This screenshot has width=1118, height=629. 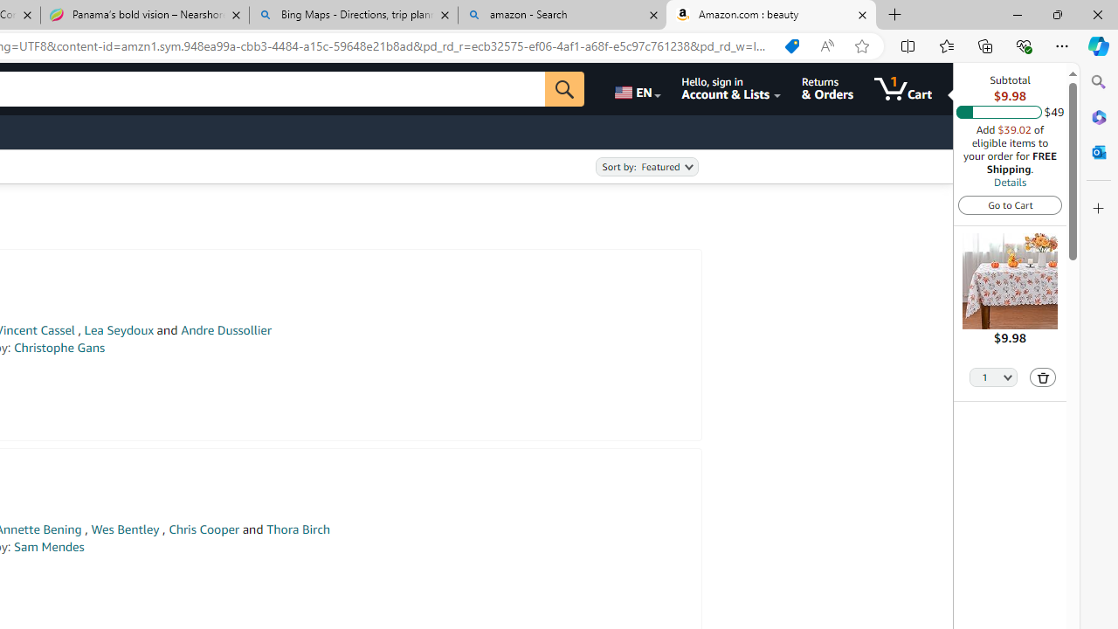 I want to click on 'Amazon.com : beauty', so click(x=770, y=15).